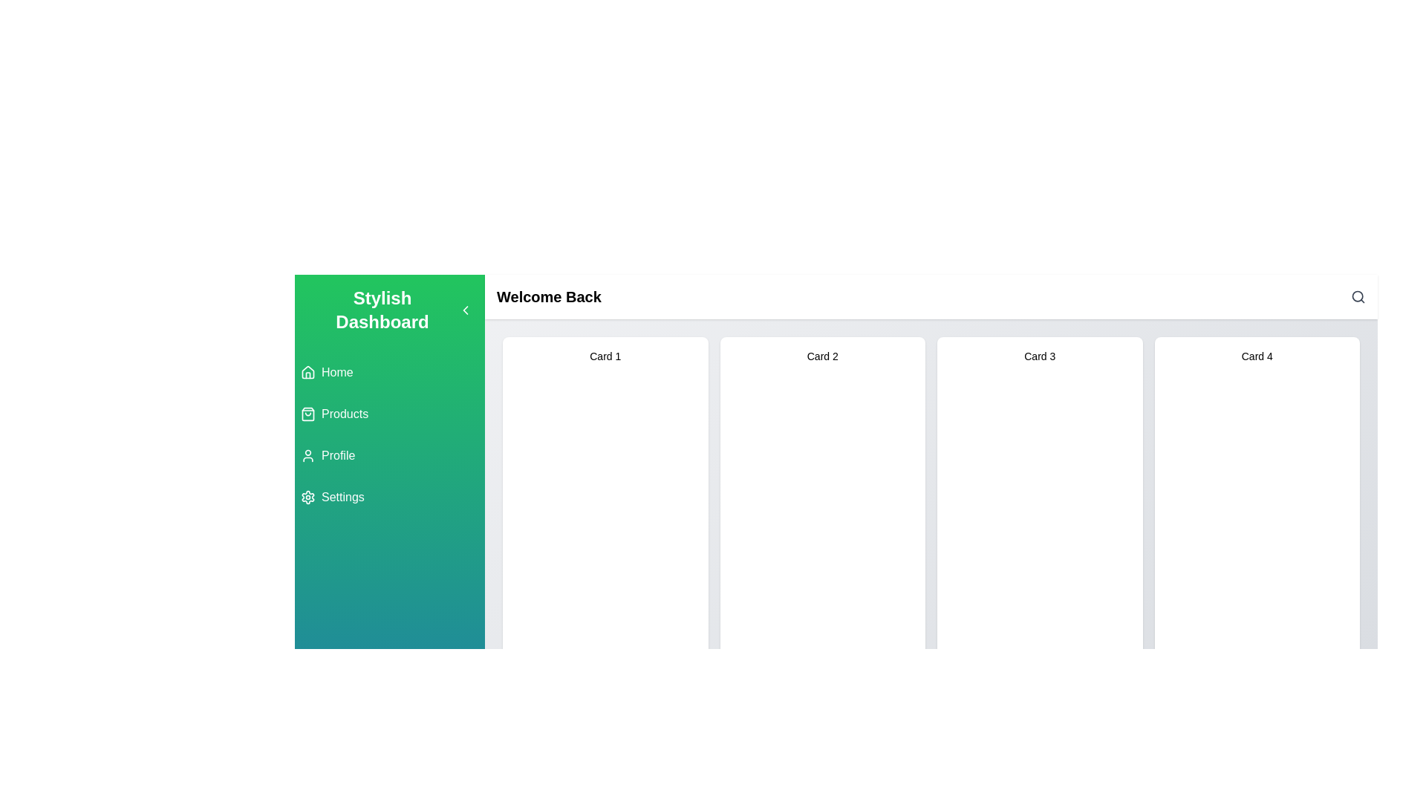 The image size is (1426, 802). I want to click on the 'Home' navigation label, so click(336, 371).